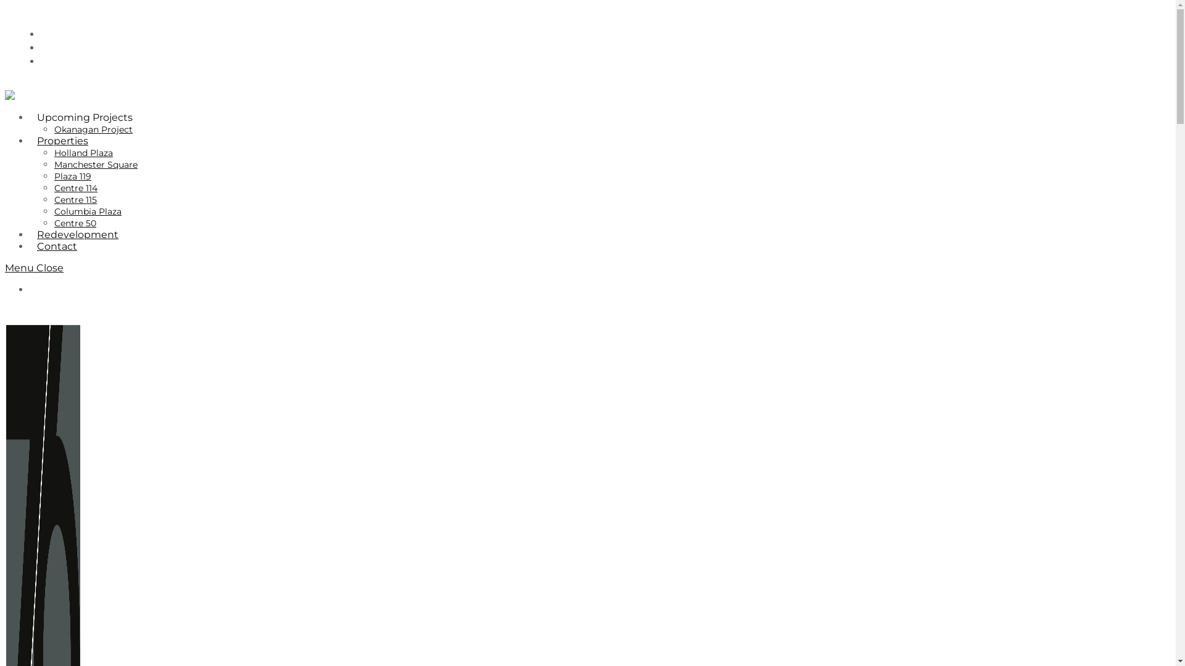  I want to click on 'Manchester Square', so click(95, 163).